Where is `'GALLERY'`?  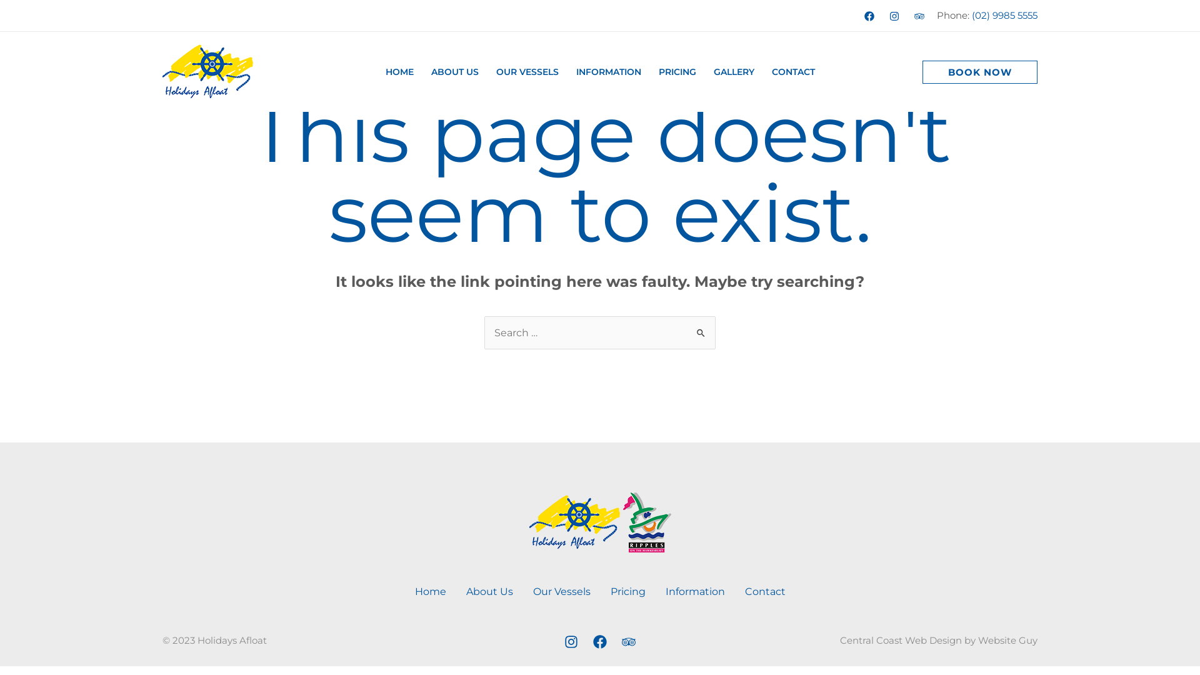 'GALLERY' is located at coordinates (705, 72).